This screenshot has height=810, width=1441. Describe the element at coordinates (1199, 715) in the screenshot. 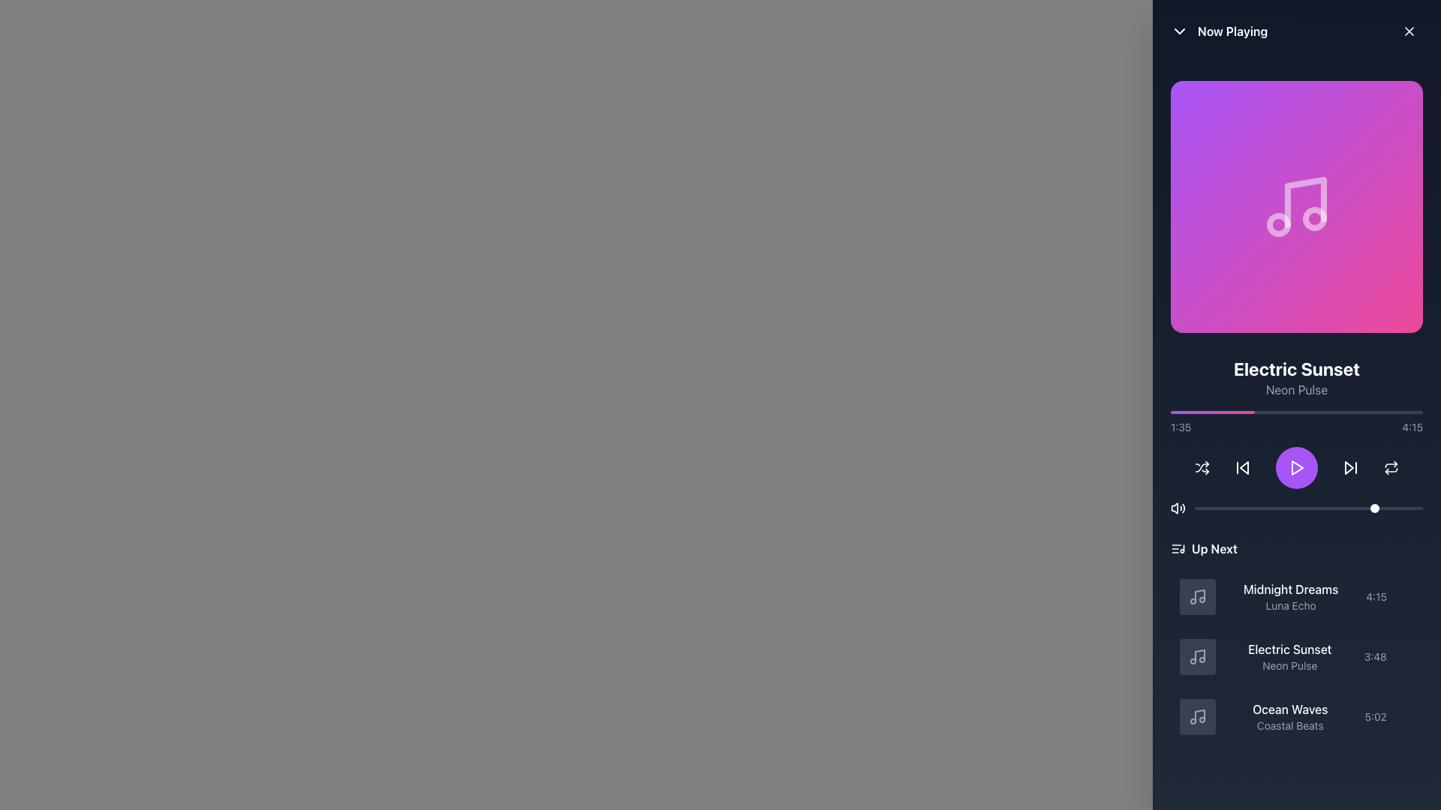

I see `the music note silhouette icon located in the 'Up Next' list of the media player UI for accessibility purposes` at that location.